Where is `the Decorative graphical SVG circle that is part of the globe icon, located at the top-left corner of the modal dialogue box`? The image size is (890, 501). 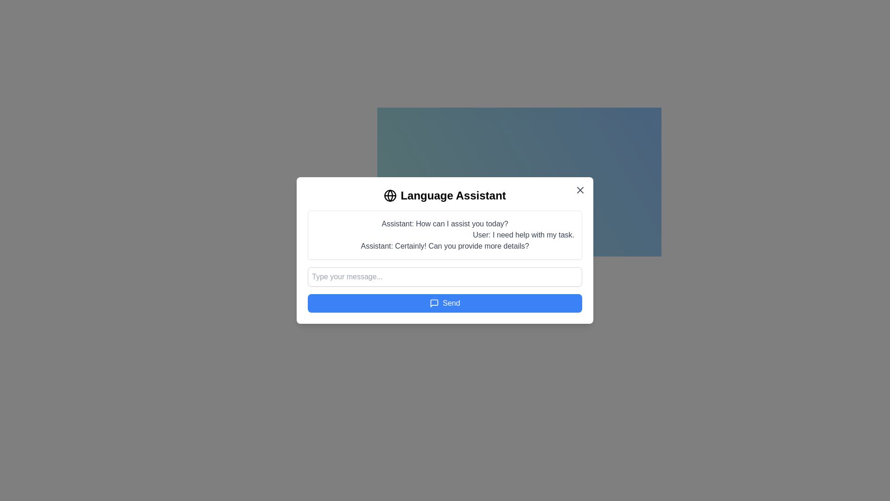
the Decorative graphical SVG circle that is part of the globe icon, located at the top-left corner of the modal dialogue box is located at coordinates (390, 195).